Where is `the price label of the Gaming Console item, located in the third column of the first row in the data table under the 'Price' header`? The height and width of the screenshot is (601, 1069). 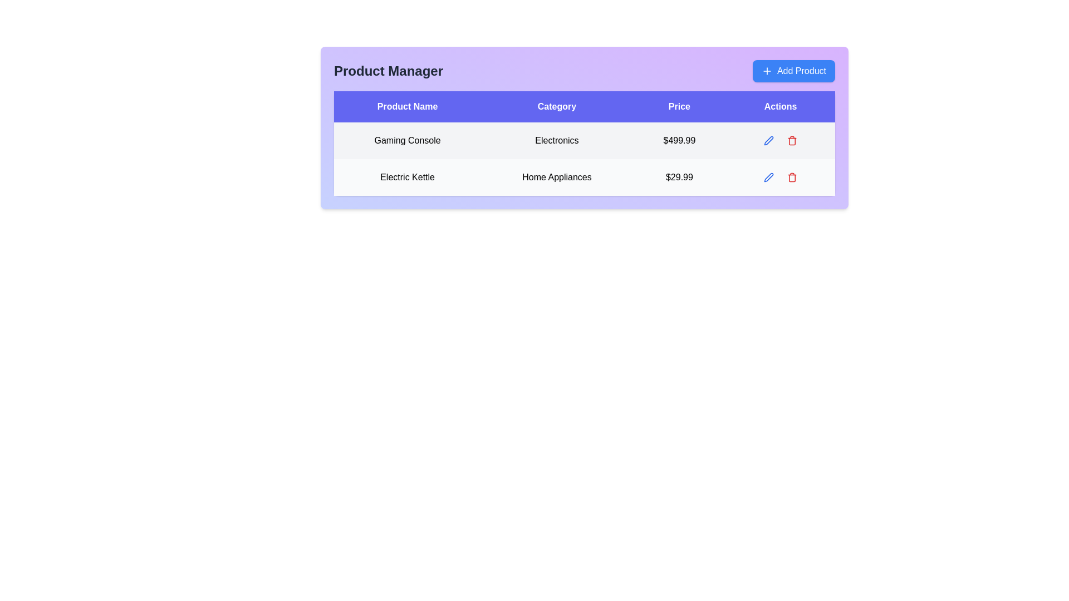 the price label of the Gaming Console item, located in the third column of the first row in the data table under the 'Price' header is located at coordinates (679, 140).